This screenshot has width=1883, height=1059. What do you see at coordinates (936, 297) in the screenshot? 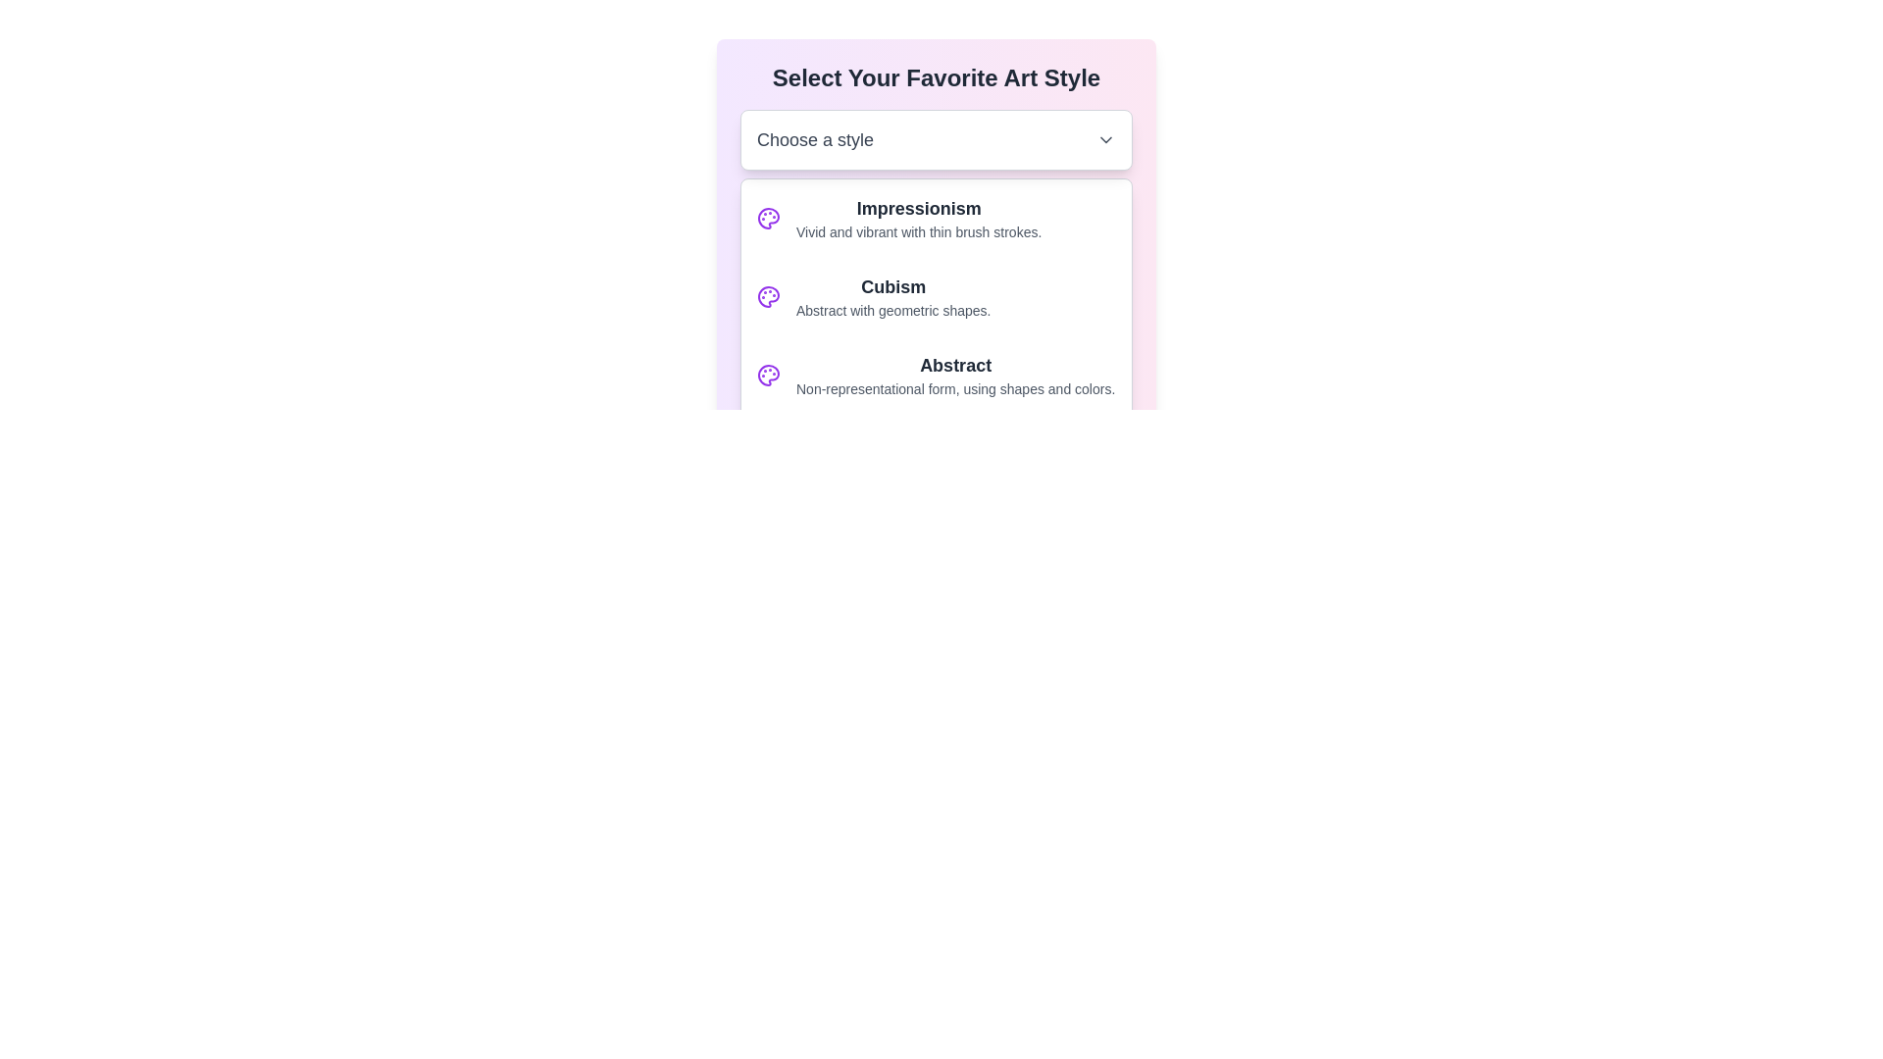
I see `the list item labeled 'Cubism' which is the second item under 'Select Your Favorite Art Style'` at bounding box center [936, 297].